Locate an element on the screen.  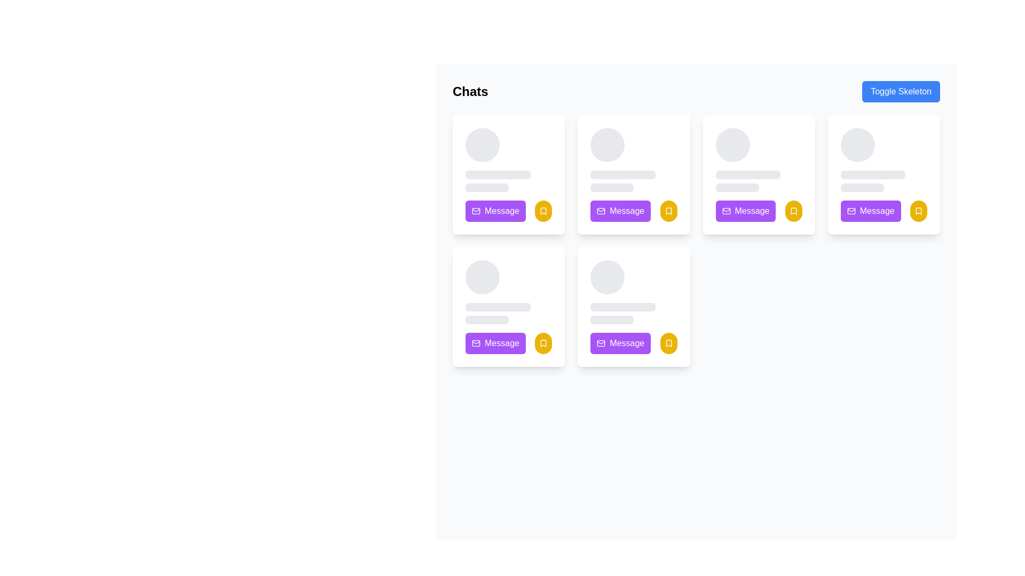
the purple button with rounded corners and white text that reads 'Message', located in the bottom-right section of a card layout, to observe hover effects is located at coordinates (871, 211).